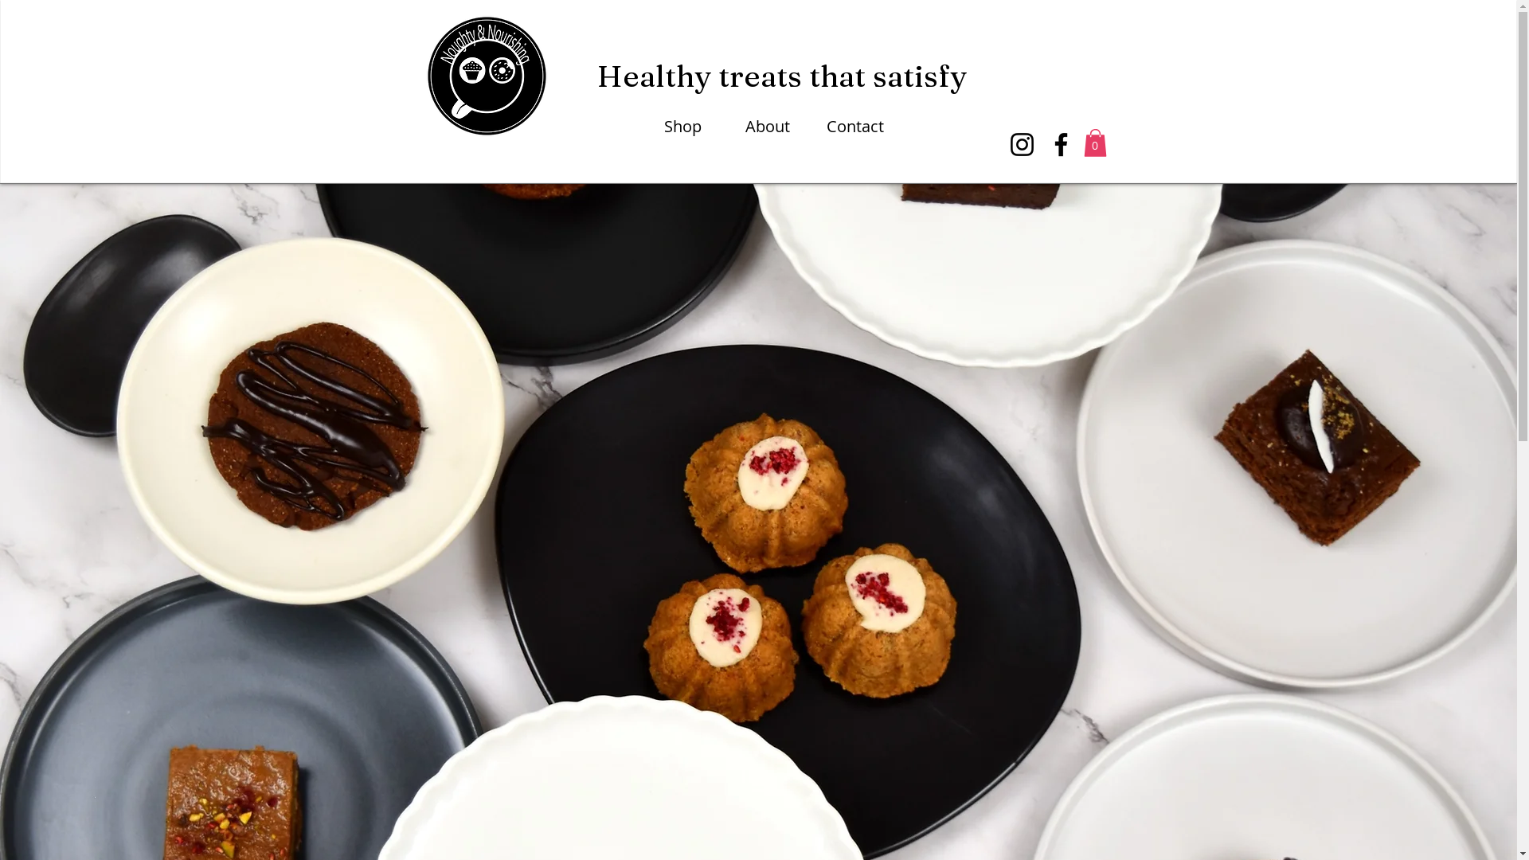 The height and width of the screenshot is (860, 1529). What do you see at coordinates (854, 125) in the screenshot?
I see `'Contact'` at bounding box center [854, 125].